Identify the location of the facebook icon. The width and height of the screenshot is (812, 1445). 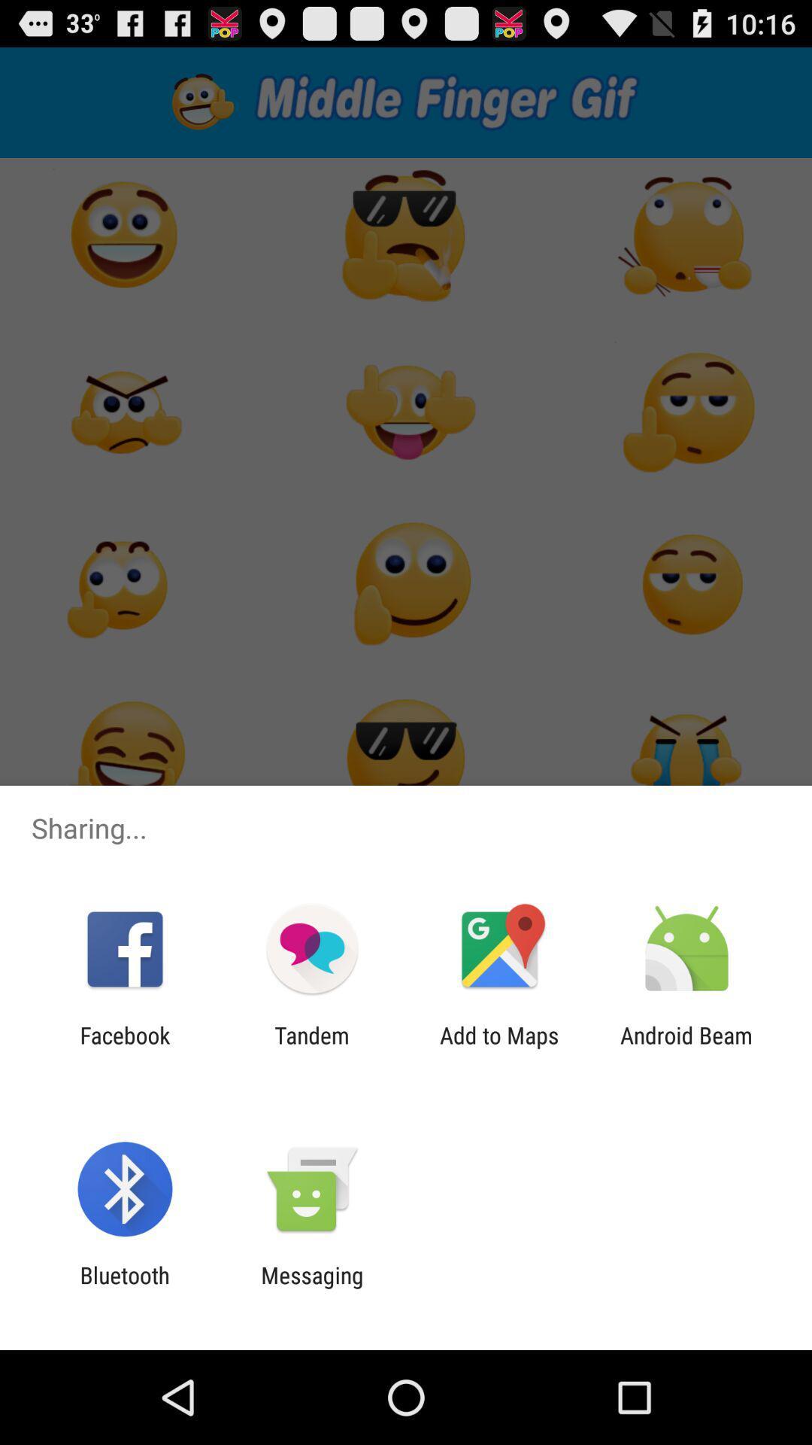
(124, 1048).